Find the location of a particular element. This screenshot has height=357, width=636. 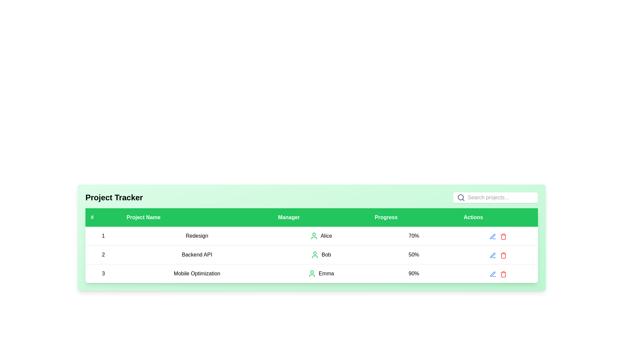

the text label displaying the number '2' in the second row and first column of the project tracker interface is located at coordinates (103, 255).